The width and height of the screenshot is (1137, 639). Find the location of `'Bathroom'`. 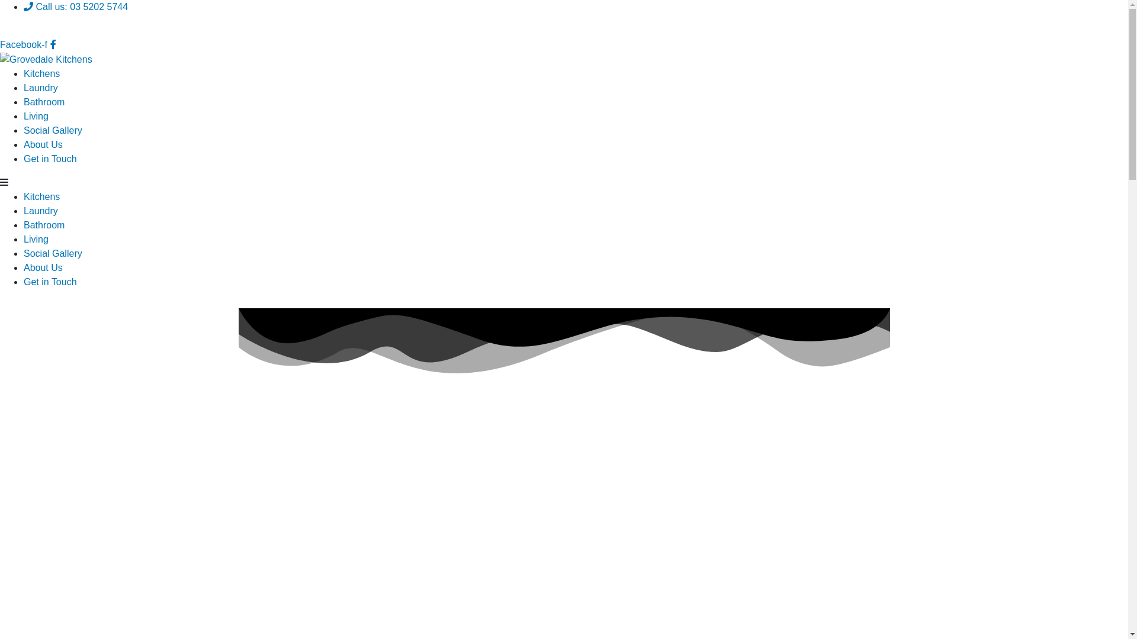

'Bathroom' is located at coordinates (44, 101).